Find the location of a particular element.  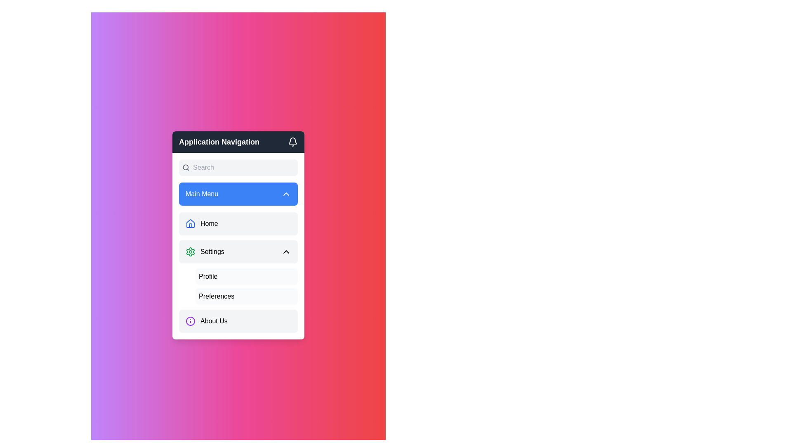

the chevron icon is located at coordinates (286, 251).